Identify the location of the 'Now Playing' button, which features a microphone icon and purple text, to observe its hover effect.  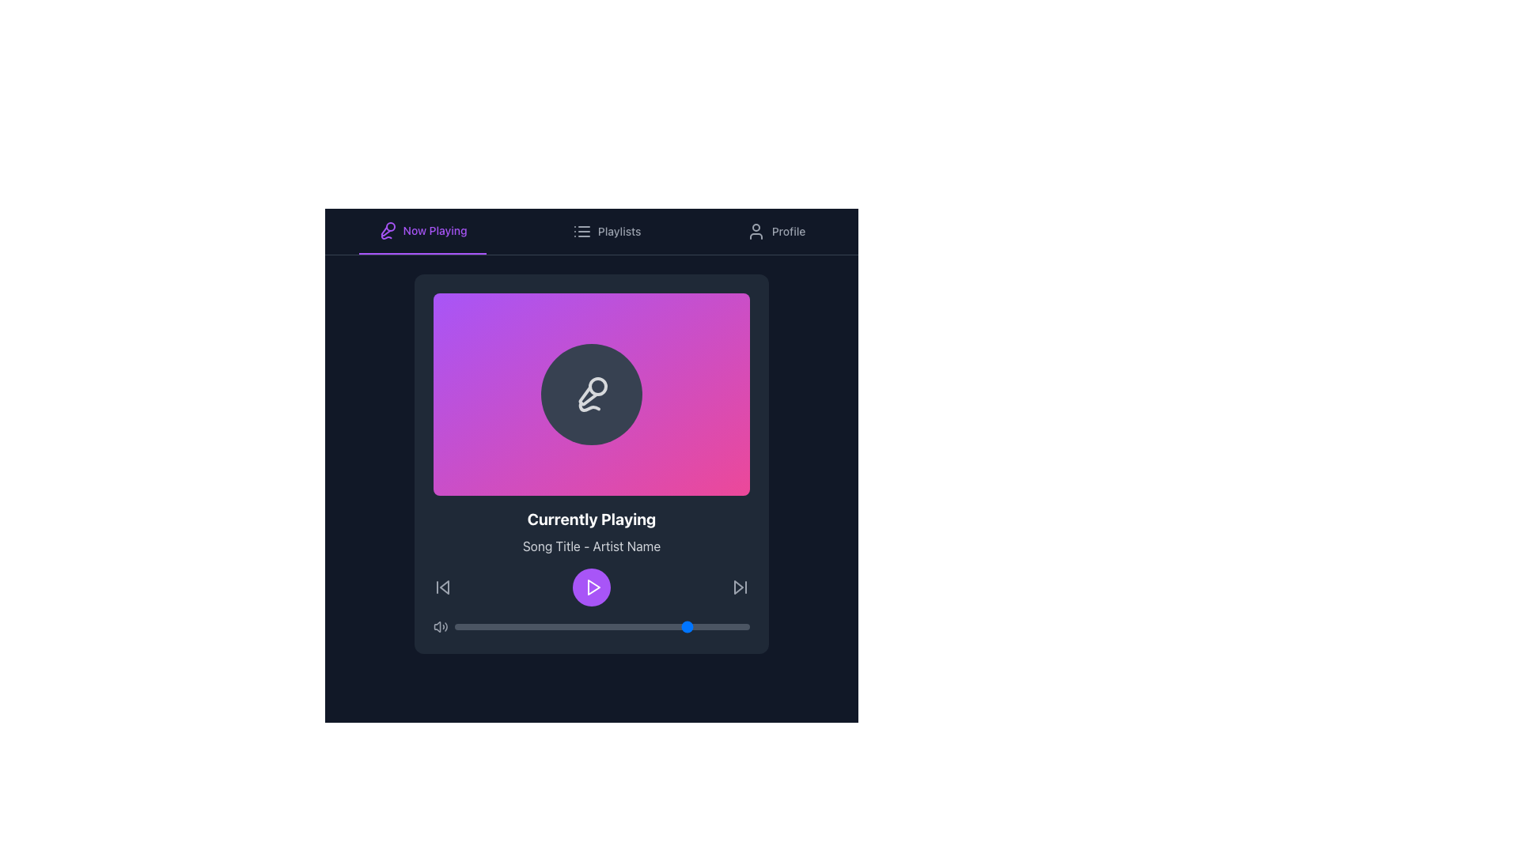
(422, 232).